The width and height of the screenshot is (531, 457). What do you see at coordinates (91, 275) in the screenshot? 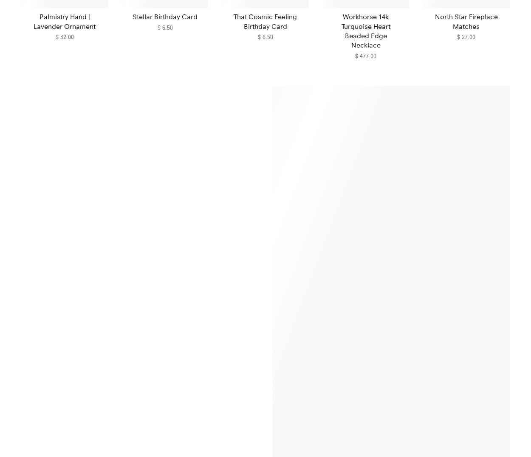
I see `'From the Pantry'` at bounding box center [91, 275].